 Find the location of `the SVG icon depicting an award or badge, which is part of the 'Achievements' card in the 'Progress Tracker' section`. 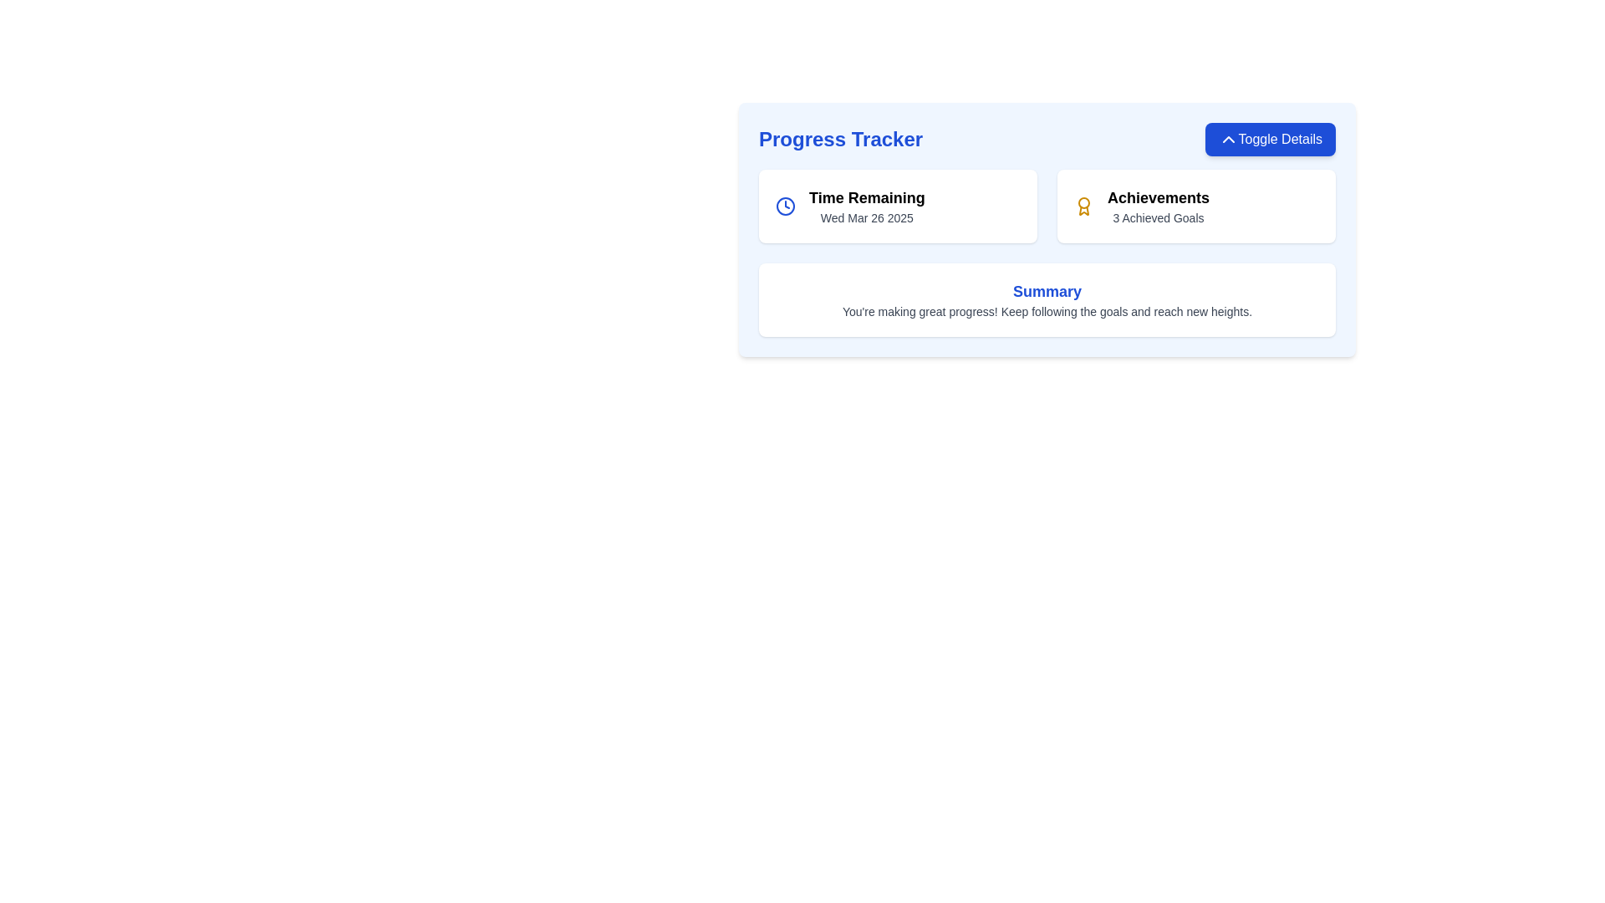

the SVG icon depicting an award or badge, which is part of the 'Achievements' card in the 'Progress Tracker' section is located at coordinates (1083, 202).